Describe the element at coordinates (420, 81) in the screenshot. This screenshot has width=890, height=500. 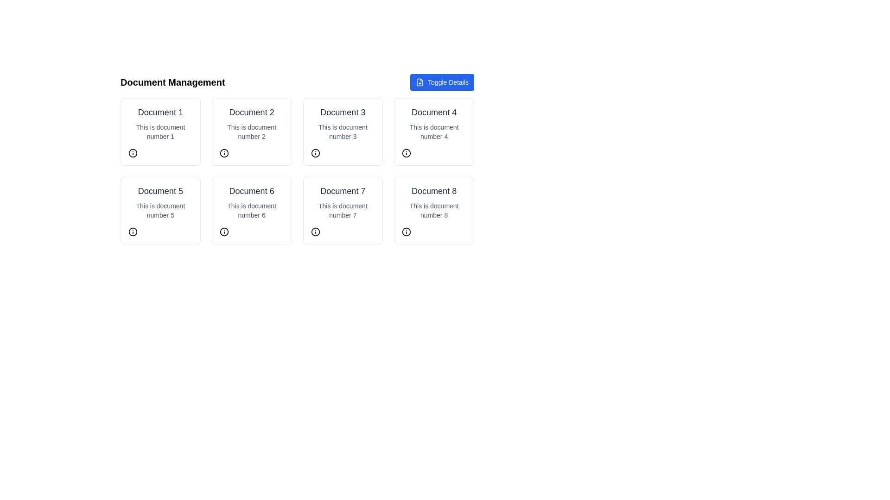
I see `the new document icon located at the top right corner of the interface, next to the 'Toggle Details' text label` at that location.